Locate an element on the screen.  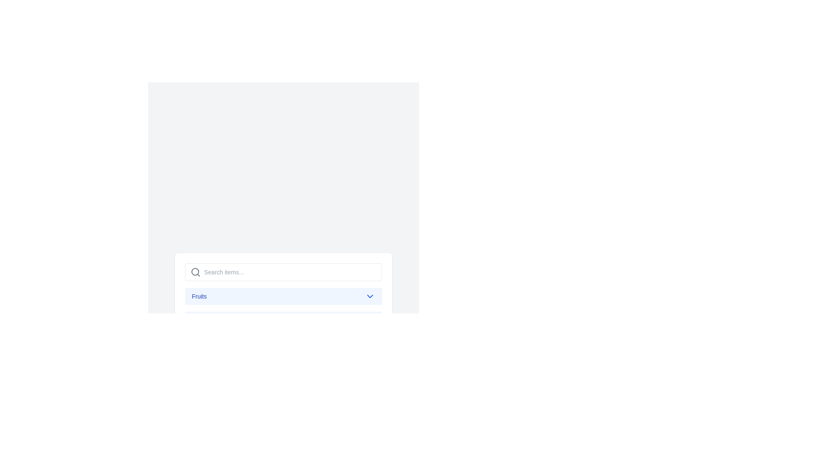
the inner circular part of the magnifying glass in the search icon, which is located at the far left of the search bar is located at coordinates (195, 271).